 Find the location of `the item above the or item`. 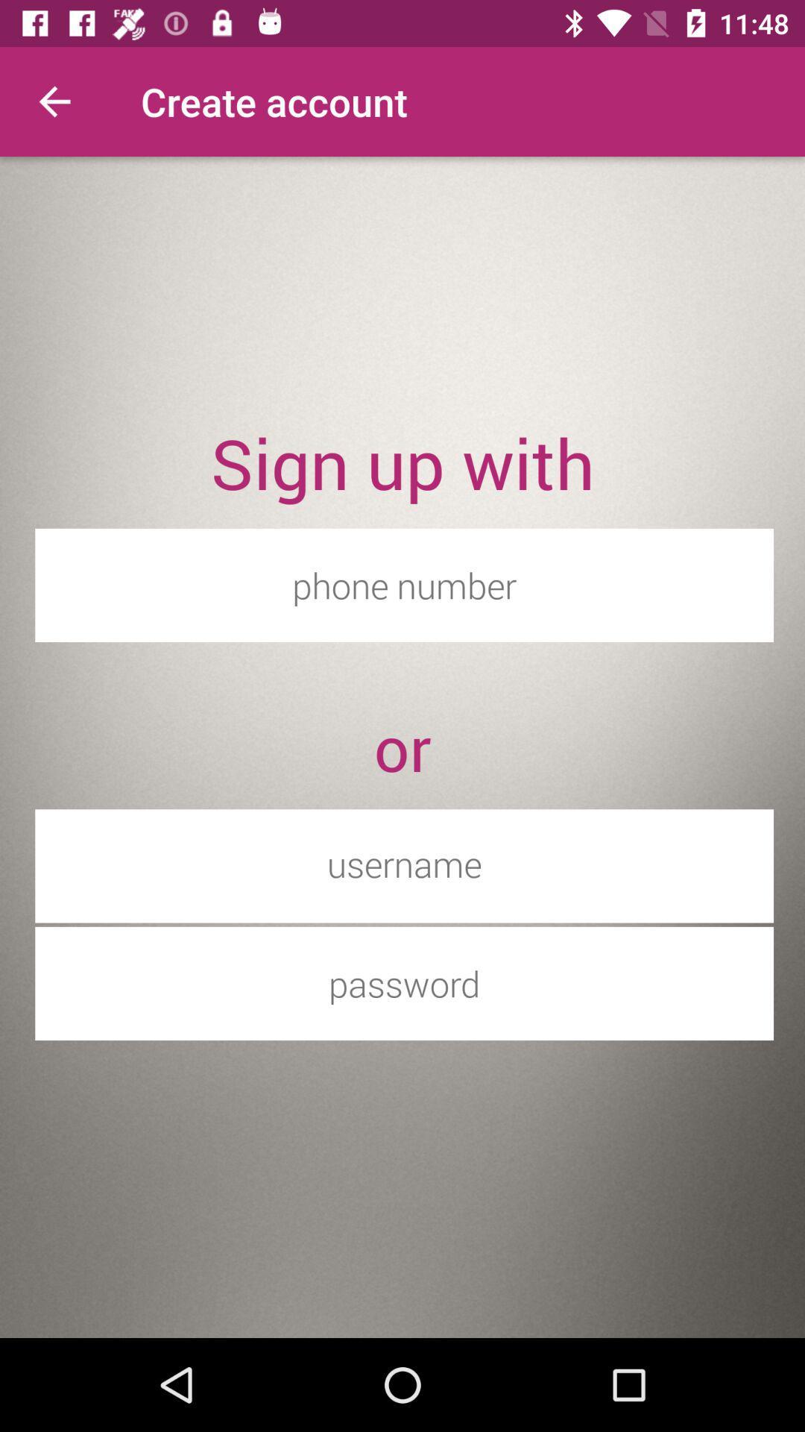

the item above the or item is located at coordinates (404, 584).